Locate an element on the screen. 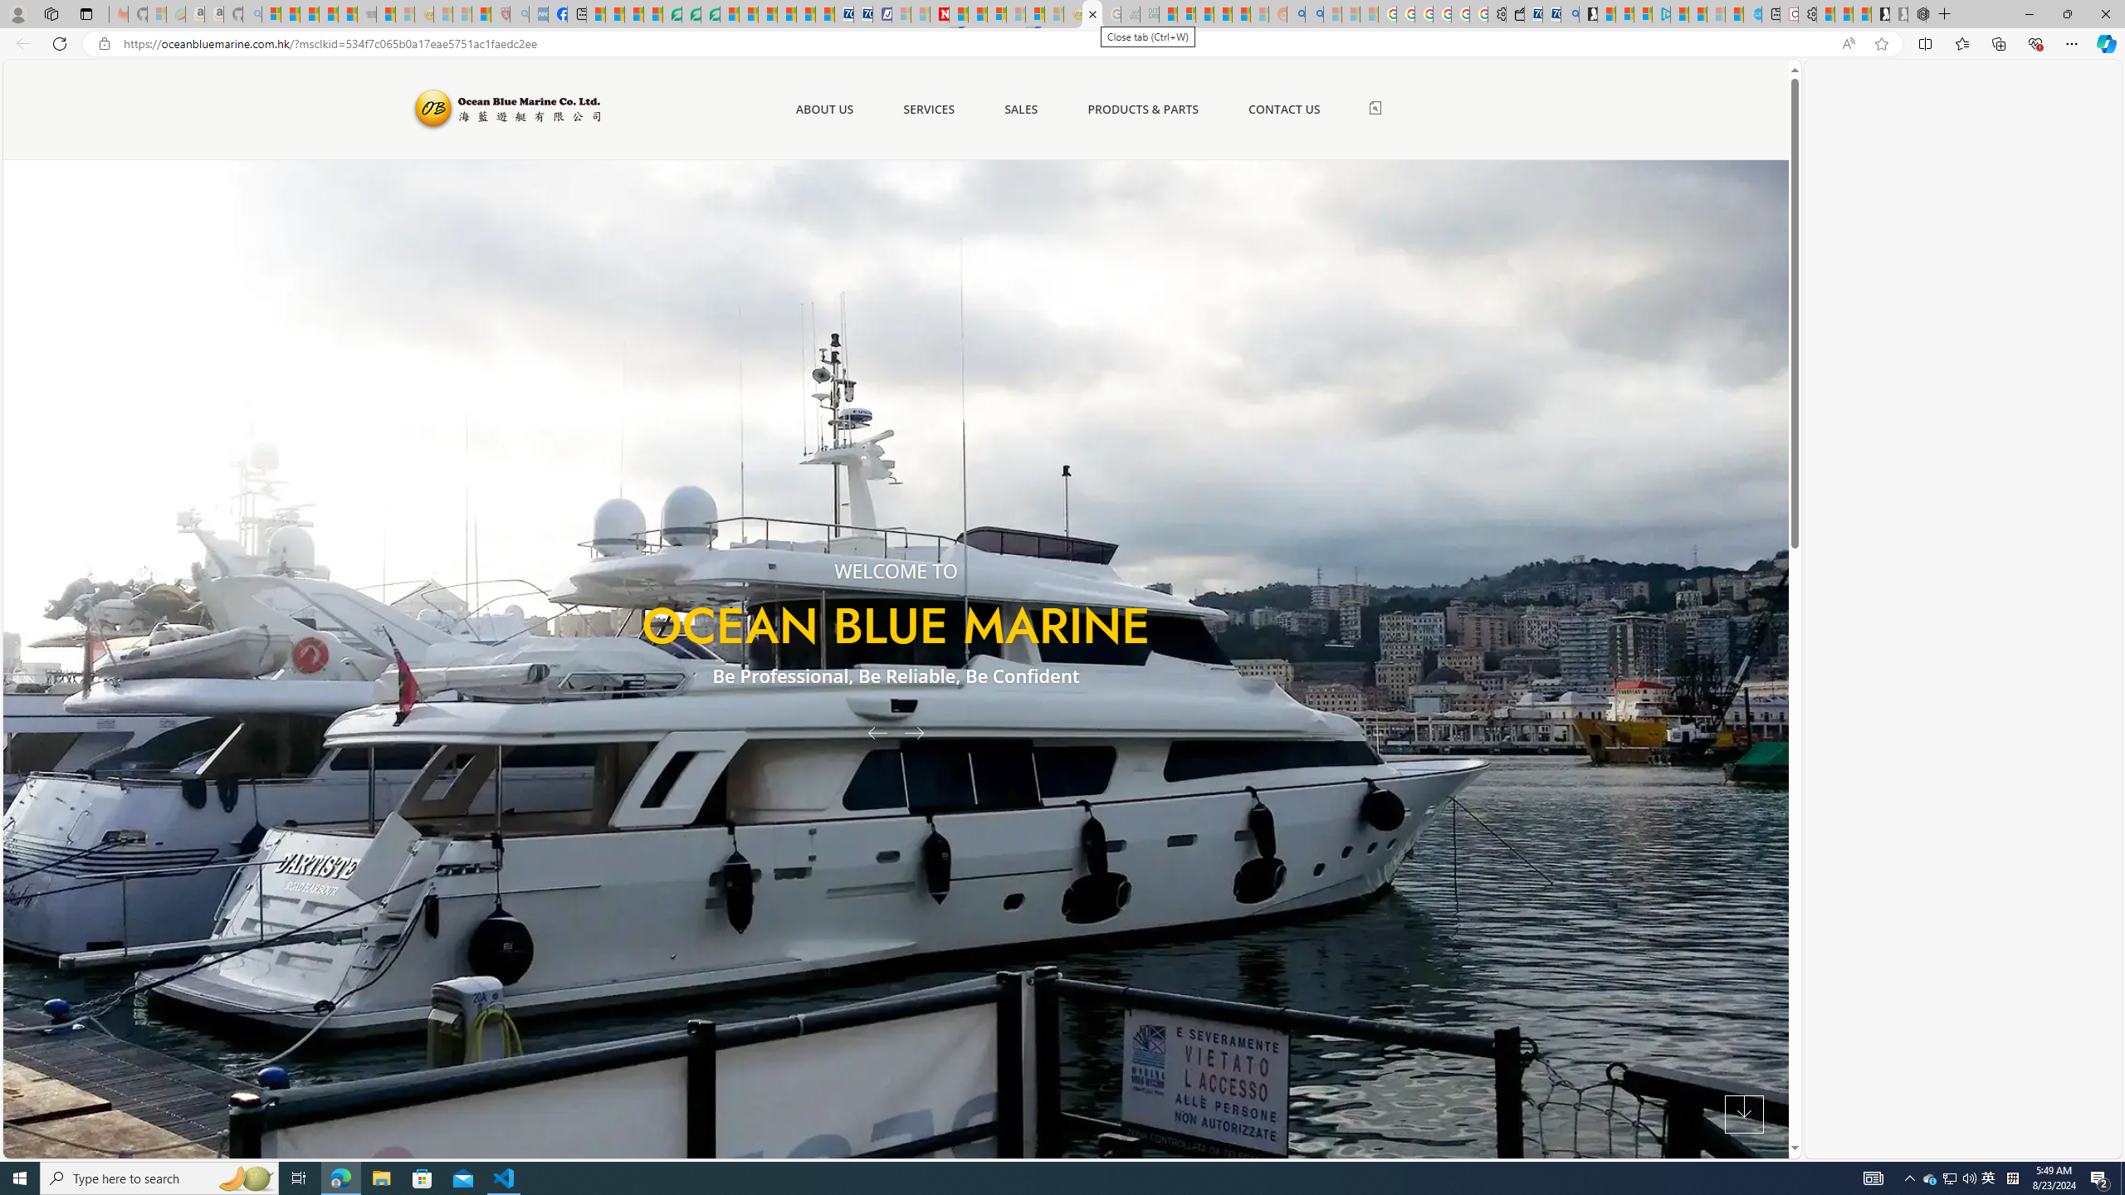 This screenshot has width=2125, height=1195. 'CONTACT US' is located at coordinates (1282, 109).